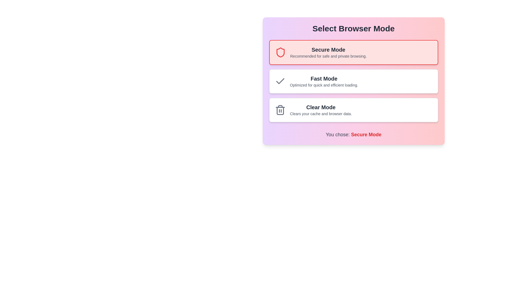  I want to click on the 'Clear Mode' icon, which visually identifies the option to remove cache and browser data, located to the left of the text 'Clear Mode' in a vertical list of options, so click(280, 110).